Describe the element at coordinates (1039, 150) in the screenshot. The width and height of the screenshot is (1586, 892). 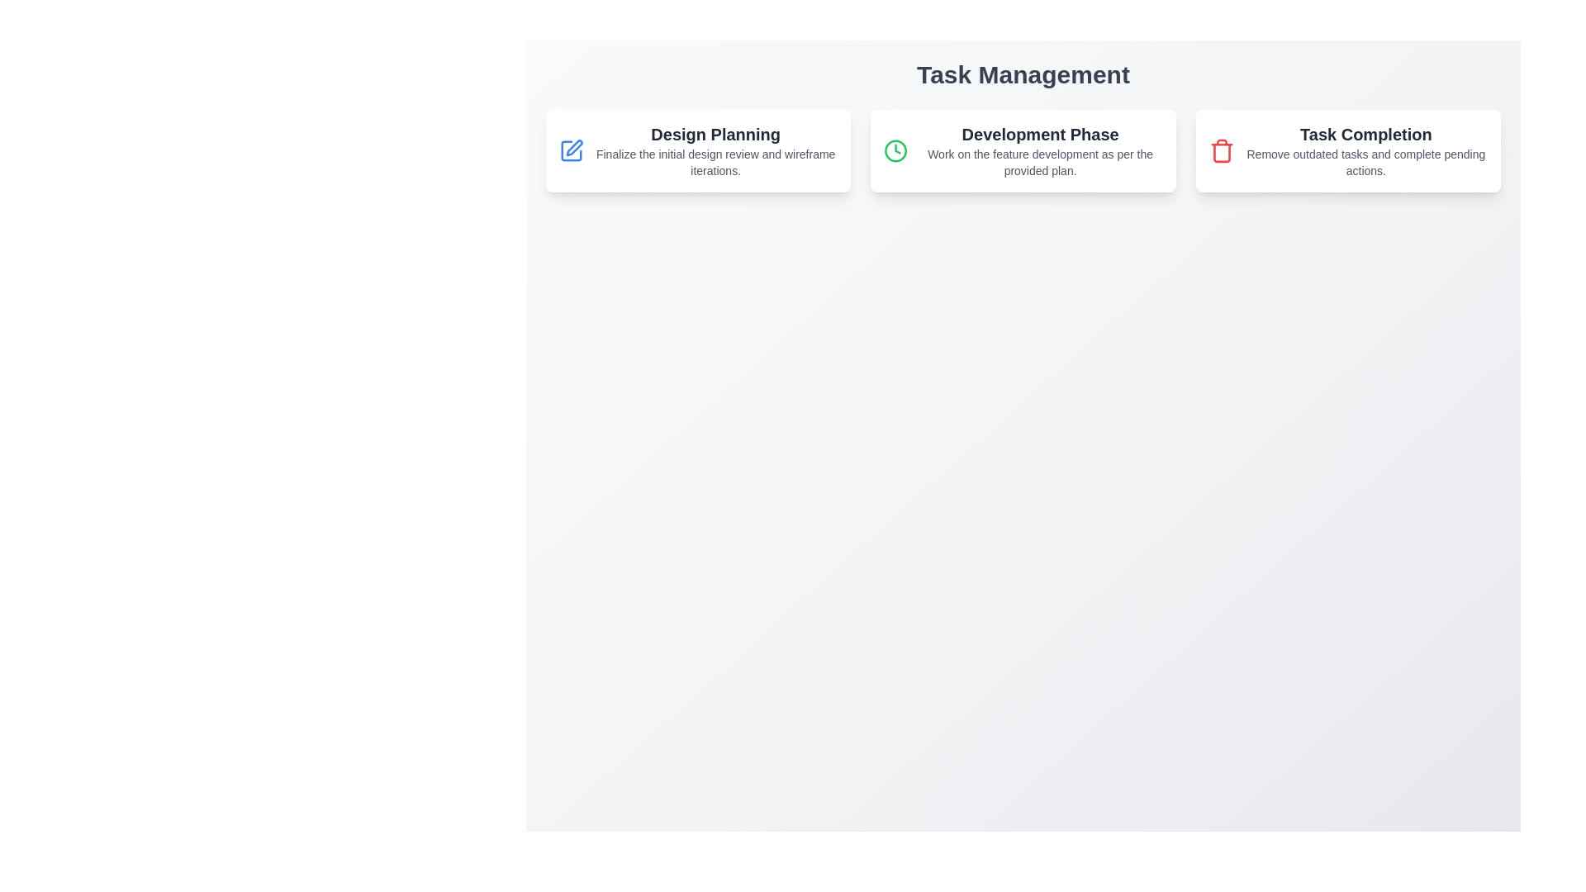
I see `the informational text block that provides details about the 'Development Phase' task, located below the green clock icon and between 'Design Planning' and 'Task Completion'` at that location.